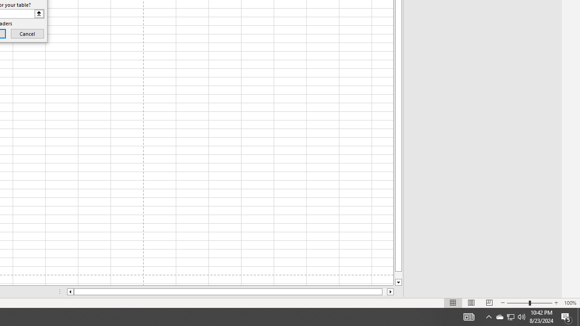 The image size is (580, 326). Describe the element at coordinates (69, 292) in the screenshot. I see `'Column left'` at that location.